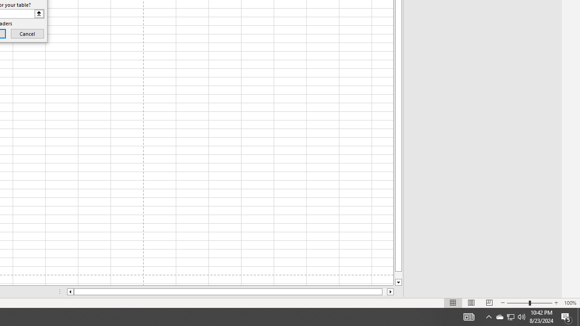 The image size is (580, 326). Describe the element at coordinates (69, 292) in the screenshot. I see `'Column left'` at that location.